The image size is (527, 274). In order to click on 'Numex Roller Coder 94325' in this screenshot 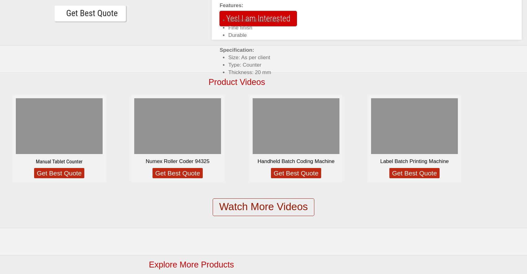, I will do `click(177, 161)`.